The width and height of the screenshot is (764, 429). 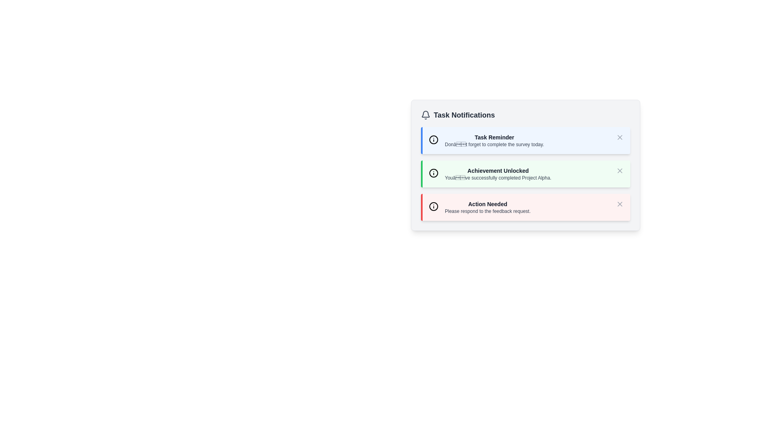 What do you see at coordinates (620, 137) in the screenshot?
I see `the small X icon in the top-right corner of the first notification card` at bounding box center [620, 137].